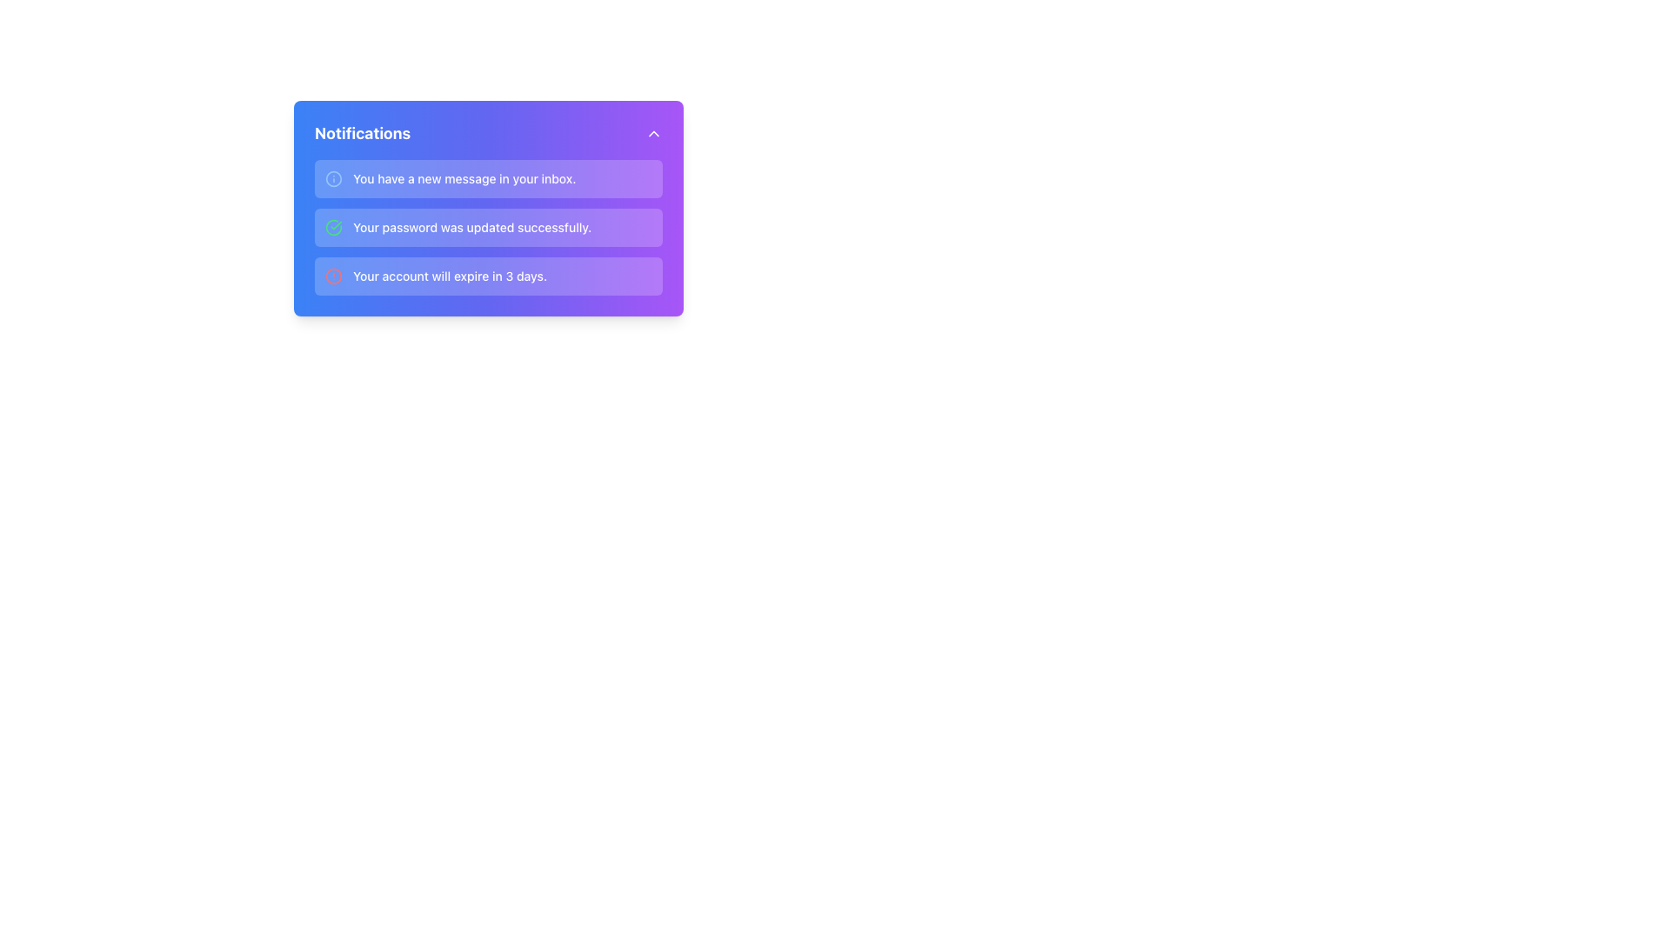 This screenshot has height=939, width=1670. I want to click on the second notification block indicating the successful update of the user's password, located towards the center-right edge of the layout, so click(487, 227).